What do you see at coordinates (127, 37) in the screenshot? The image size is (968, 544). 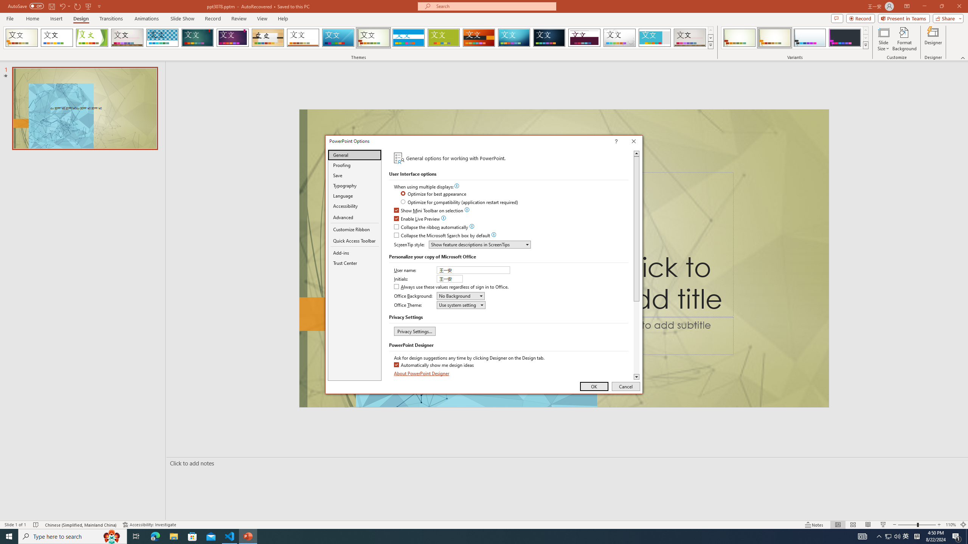 I see `'Gallery'` at bounding box center [127, 37].